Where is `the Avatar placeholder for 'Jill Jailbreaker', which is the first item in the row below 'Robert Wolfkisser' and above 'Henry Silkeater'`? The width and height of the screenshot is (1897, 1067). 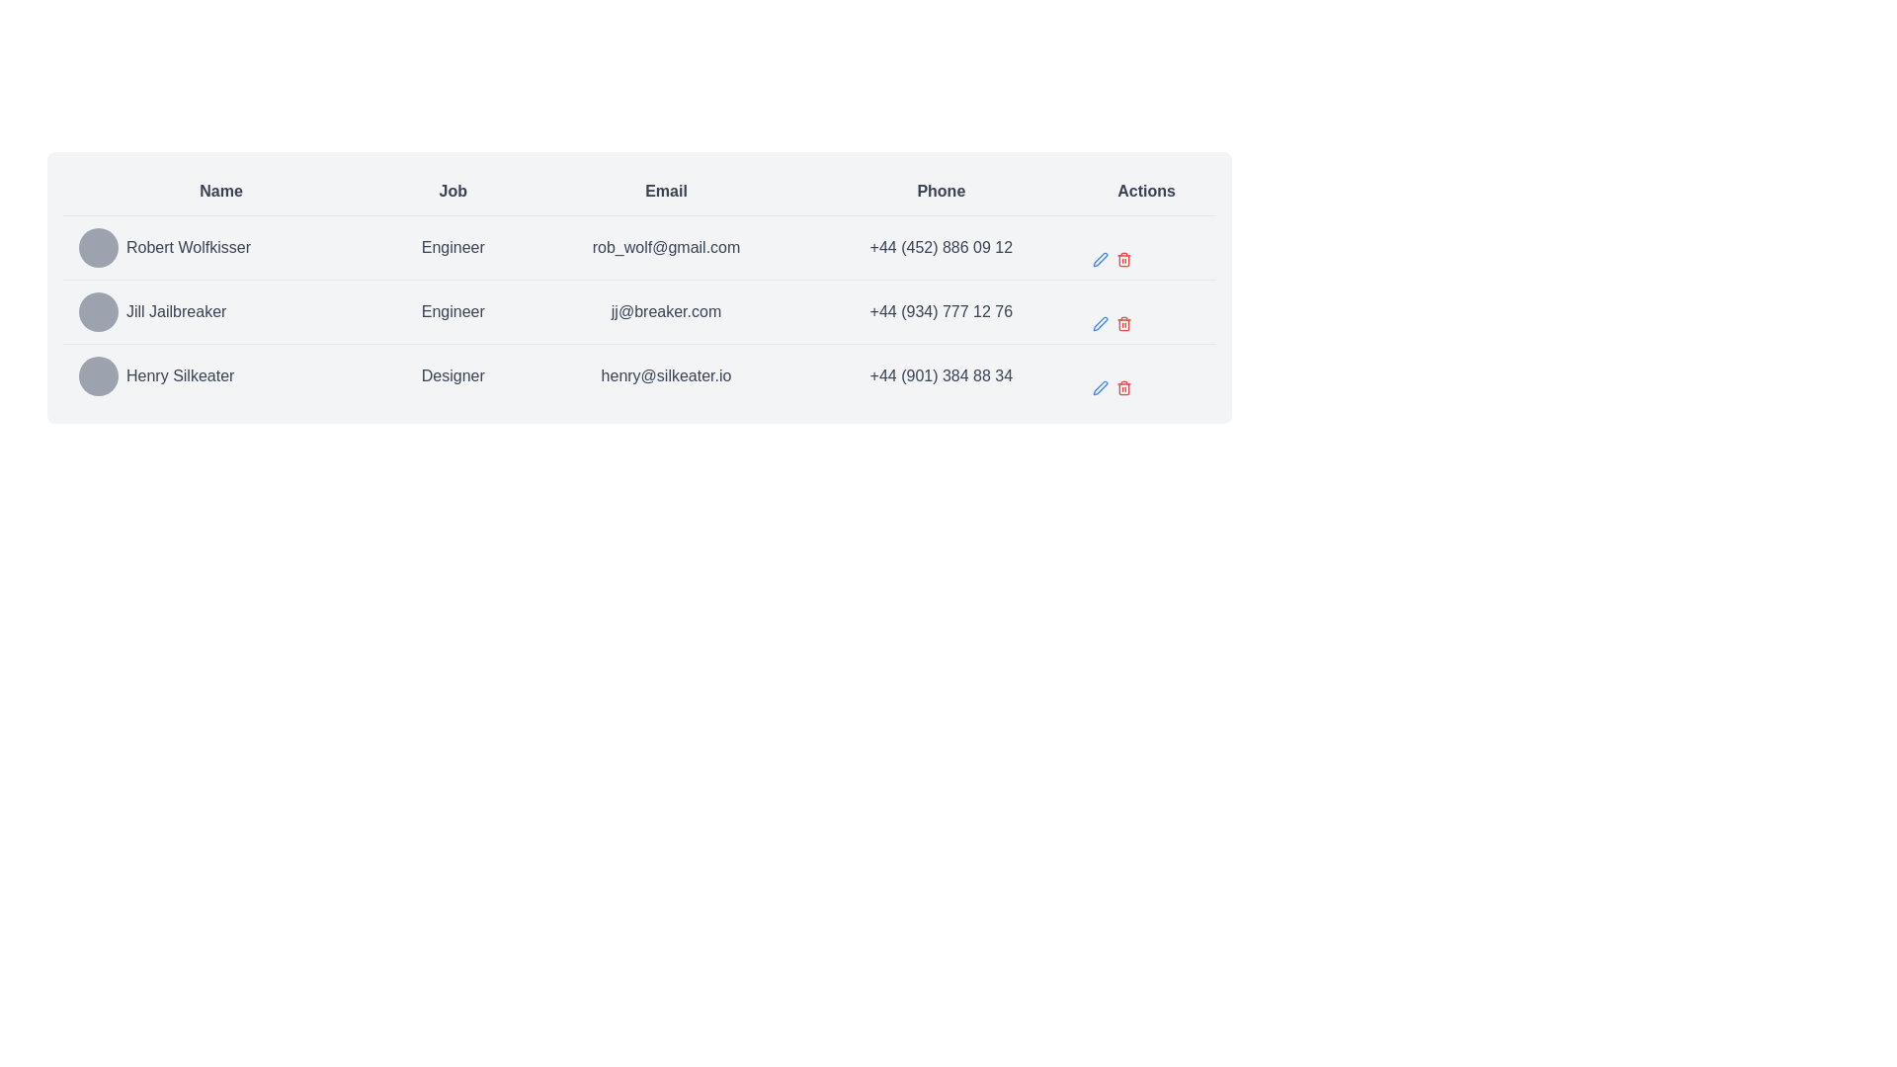 the Avatar placeholder for 'Jill Jailbreaker', which is the first item in the row below 'Robert Wolfkisser' and above 'Henry Silkeater' is located at coordinates (98, 311).